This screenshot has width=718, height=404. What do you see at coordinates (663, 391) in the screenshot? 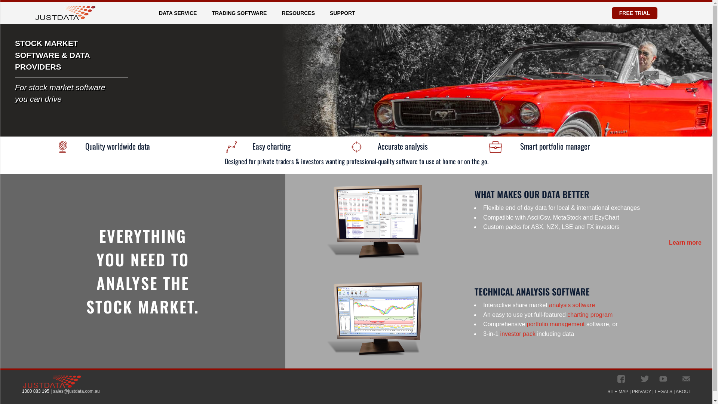
I see `'LEGALS'` at bounding box center [663, 391].